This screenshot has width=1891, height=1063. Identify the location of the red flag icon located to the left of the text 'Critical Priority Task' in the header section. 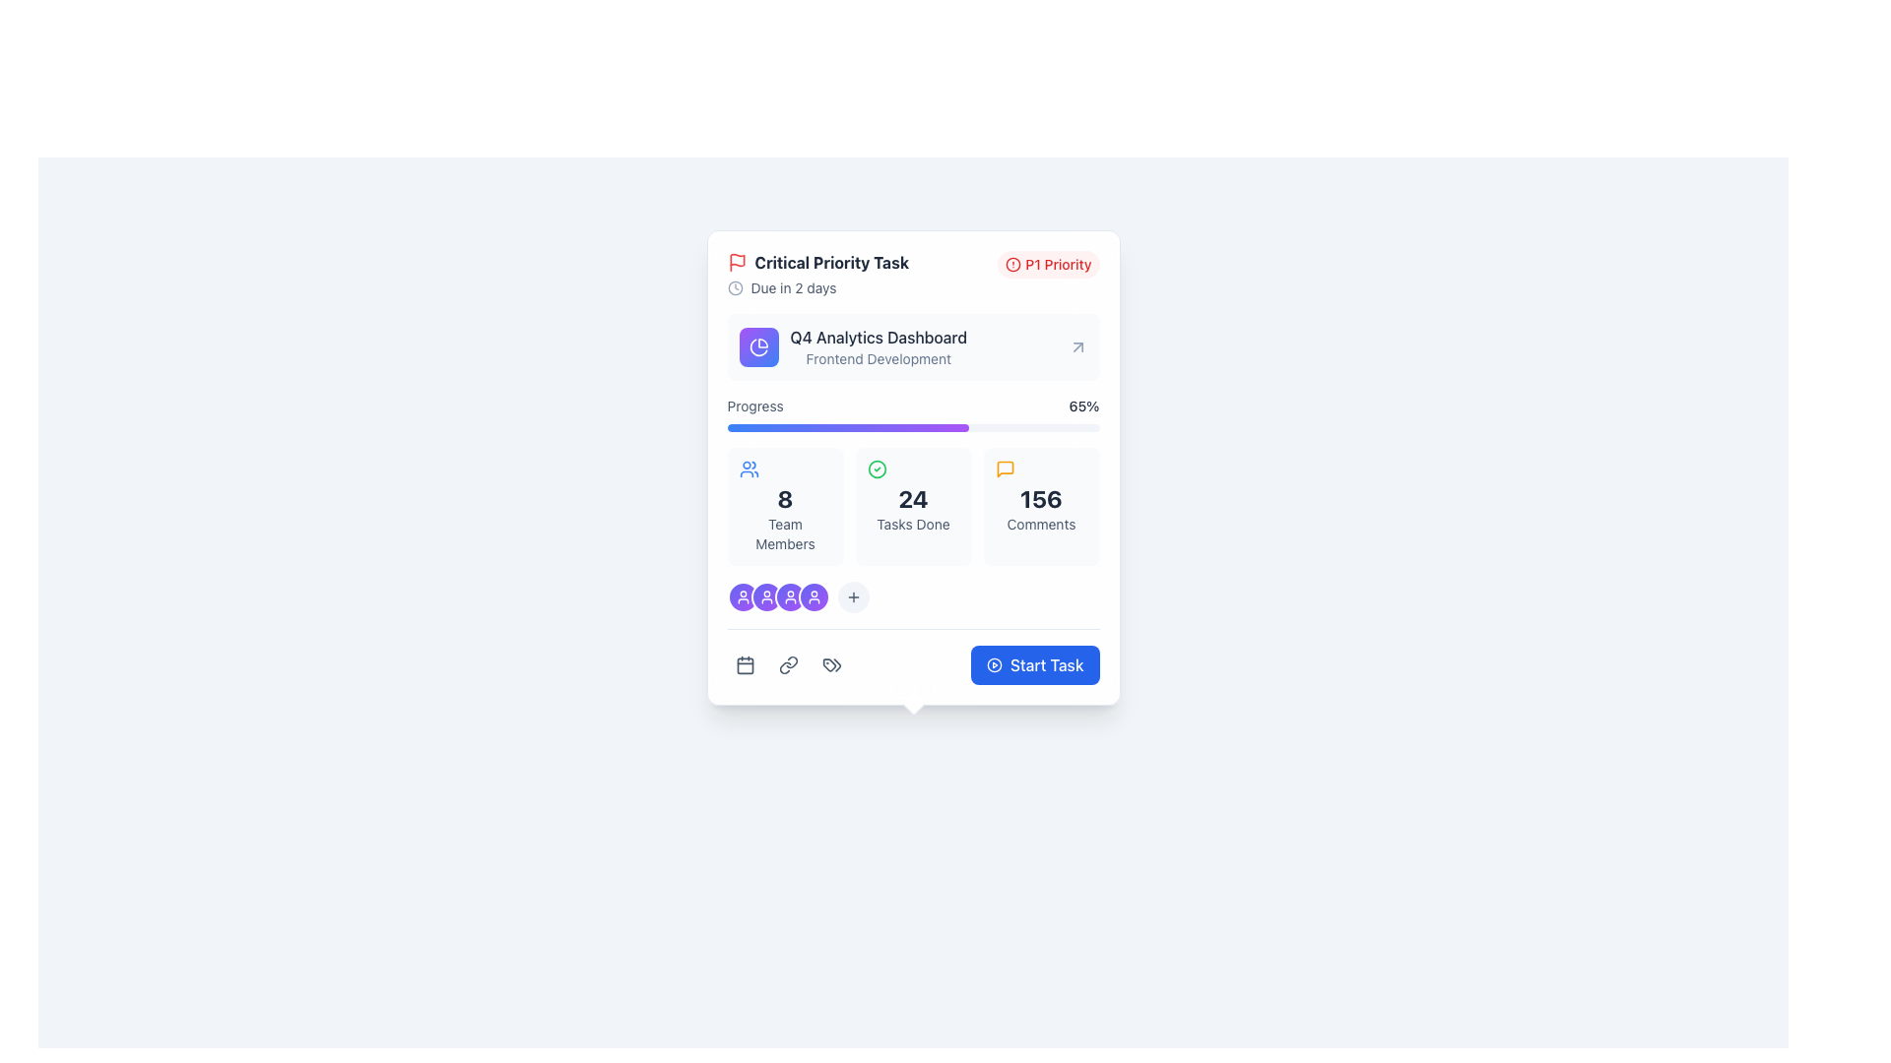
(736, 261).